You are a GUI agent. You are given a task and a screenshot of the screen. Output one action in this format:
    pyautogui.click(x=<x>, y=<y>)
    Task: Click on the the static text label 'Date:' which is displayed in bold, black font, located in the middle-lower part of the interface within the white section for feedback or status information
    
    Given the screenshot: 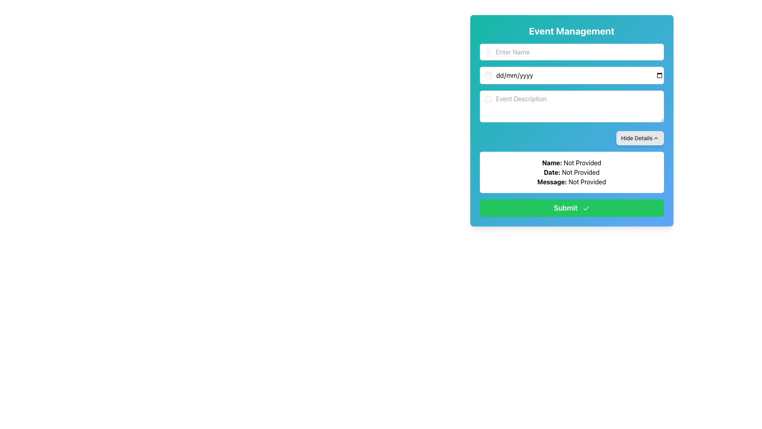 What is the action you would take?
    pyautogui.click(x=552, y=172)
    